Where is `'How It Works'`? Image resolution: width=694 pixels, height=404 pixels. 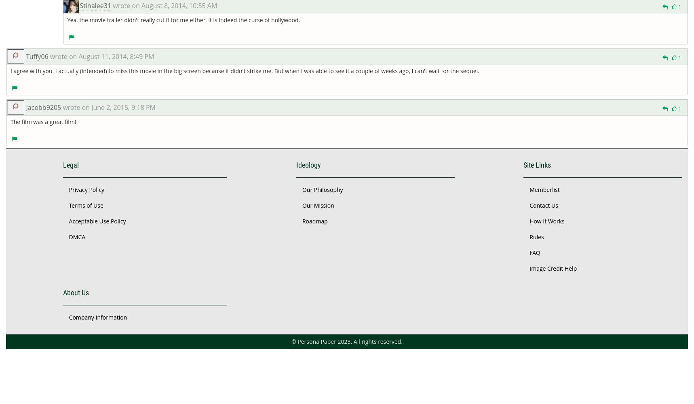 'How It Works' is located at coordinates (546, 221).